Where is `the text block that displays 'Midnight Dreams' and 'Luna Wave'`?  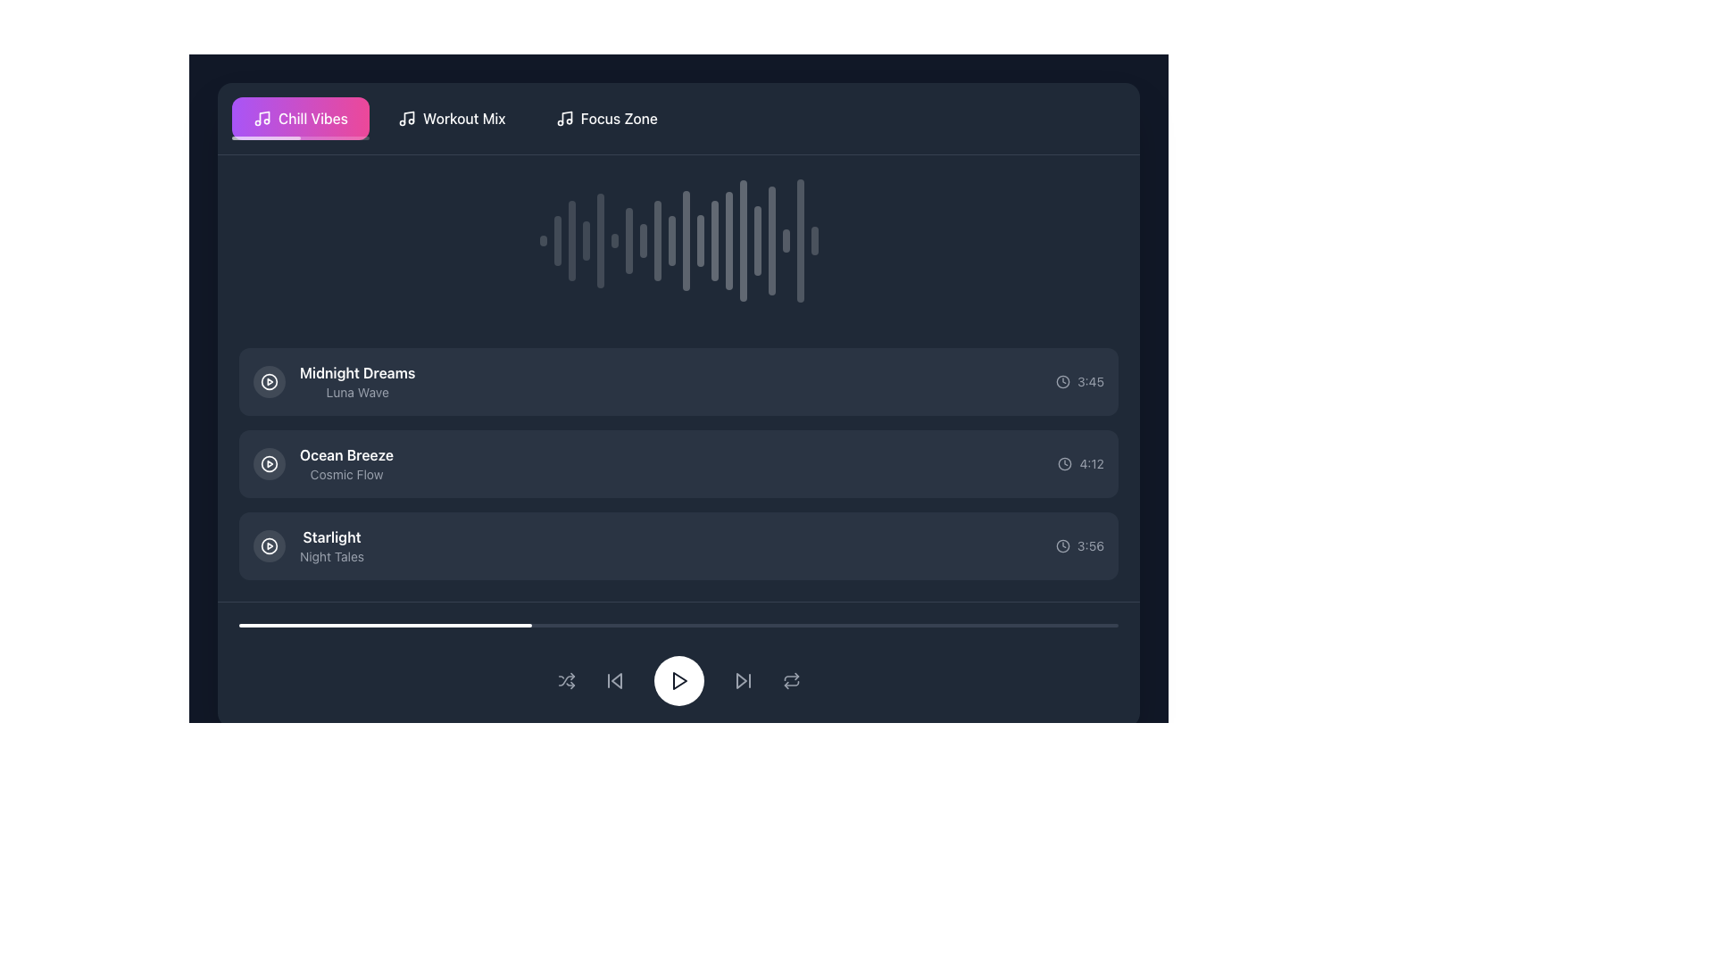
the text block that displays 'Midnight Dreams' and 'Luna Wave' is located at coordinates (357, 381).